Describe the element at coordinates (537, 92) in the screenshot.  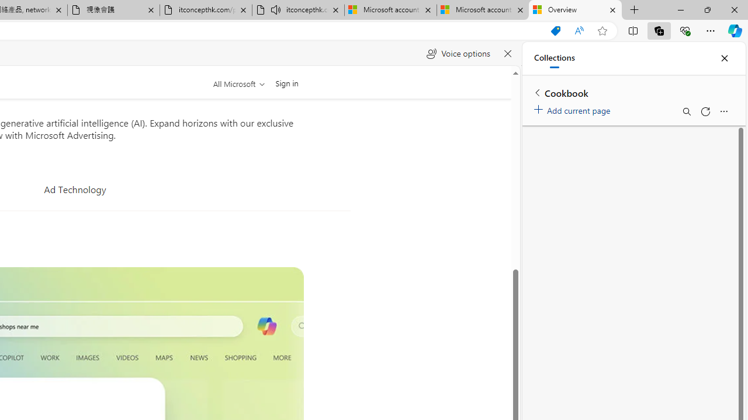
I see `'Back to list of collections'` at that location.